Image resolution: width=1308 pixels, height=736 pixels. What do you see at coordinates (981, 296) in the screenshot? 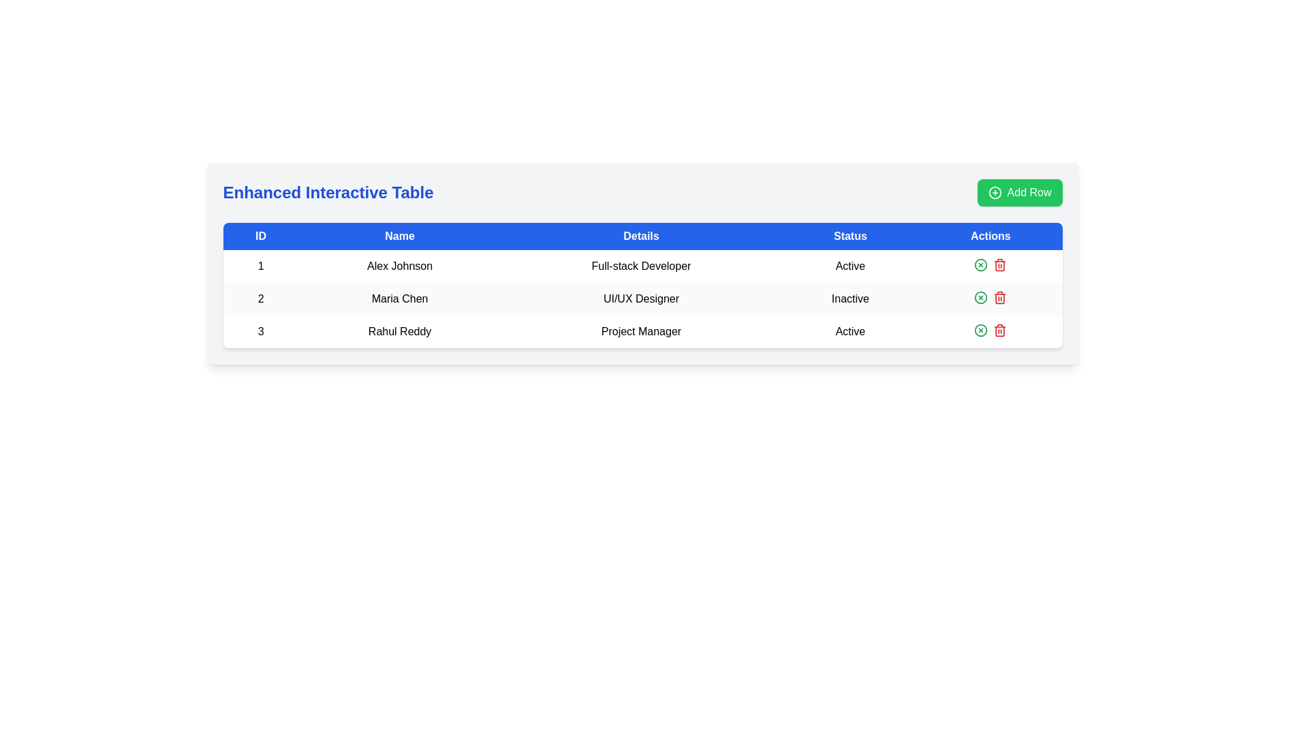
I see `the interactive 'undo' or 'restore' button located in the 'Actions' column of the second row of the table` at bounding box center [981, 296].